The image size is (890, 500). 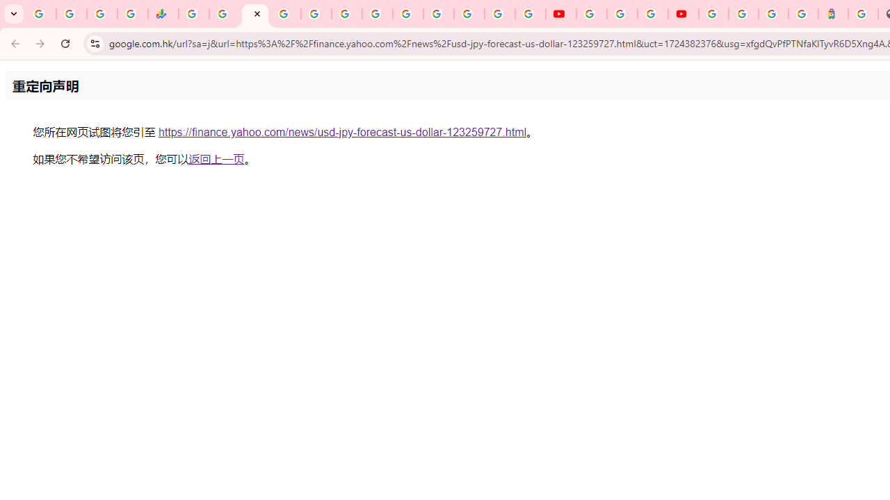 I want to click on 'Atour Hotel - Google hotels', so click(x=833, y=14).